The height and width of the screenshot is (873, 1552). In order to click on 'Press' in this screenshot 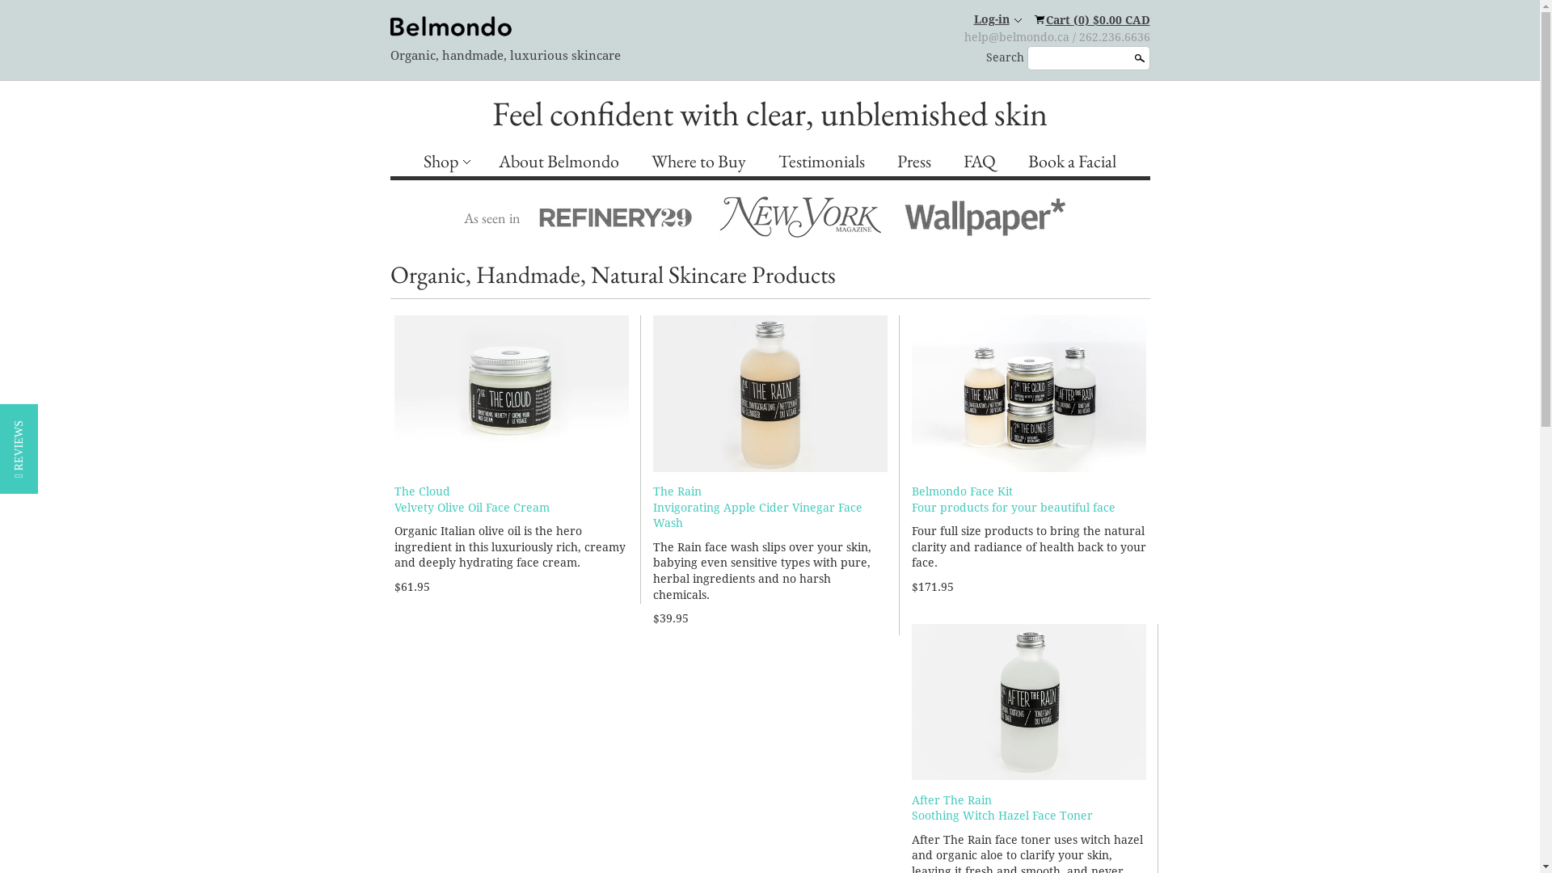, I will do `click(914, 162)`.